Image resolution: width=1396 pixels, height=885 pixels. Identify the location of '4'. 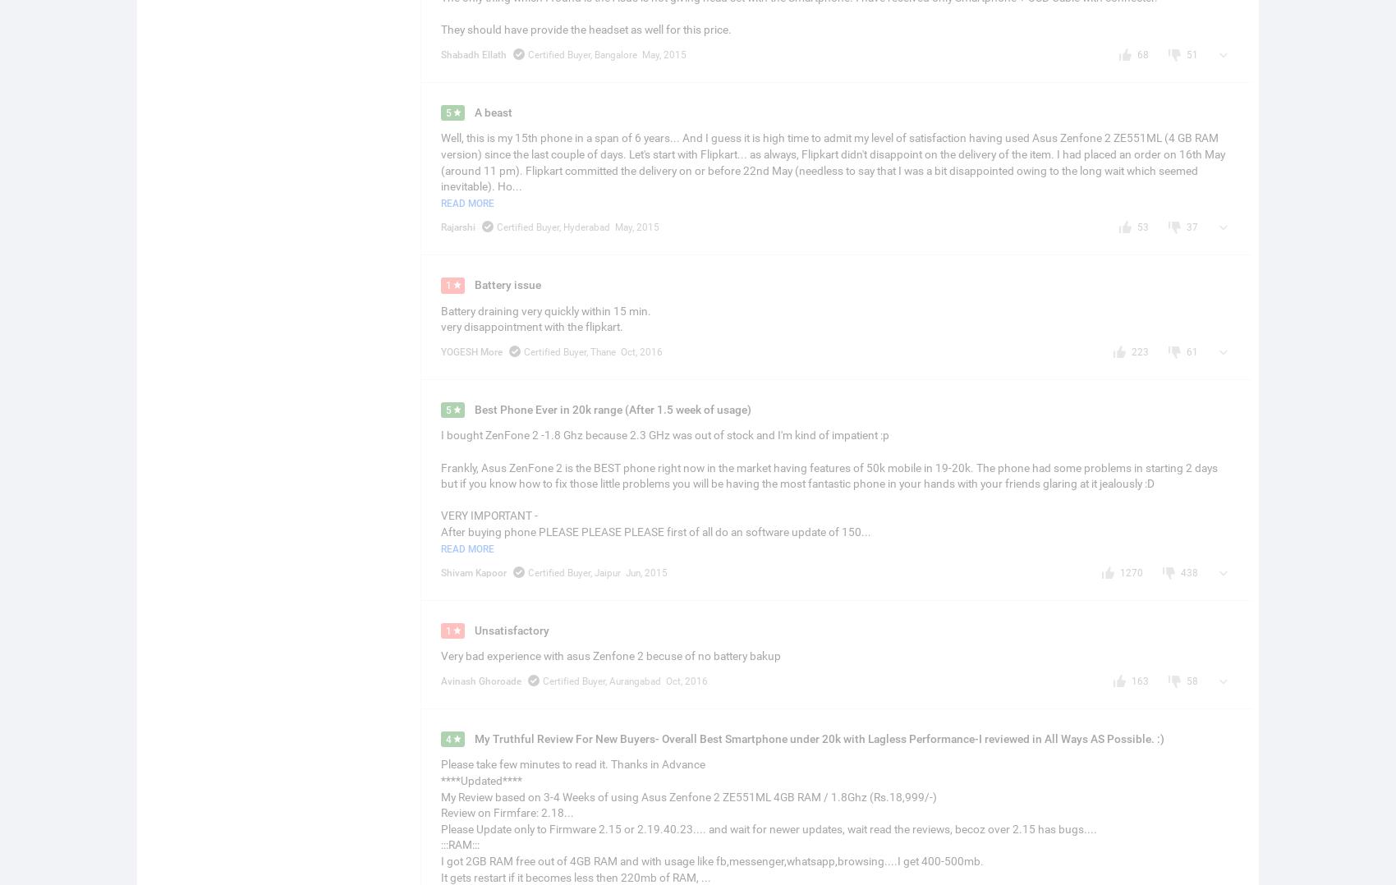
(447, 739).